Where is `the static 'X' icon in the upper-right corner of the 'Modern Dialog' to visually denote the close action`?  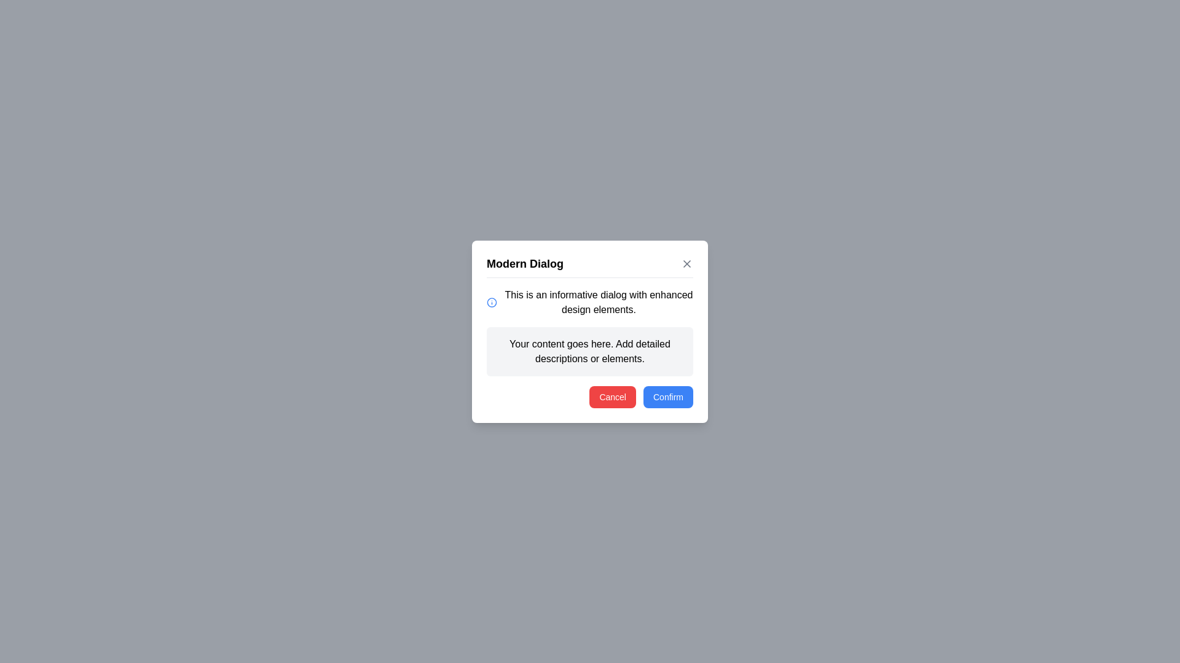
the static 'X' icon in the upper-right corner of the 'Modern Dialog' to visually denote the close action is located at coordinates (686, 263).